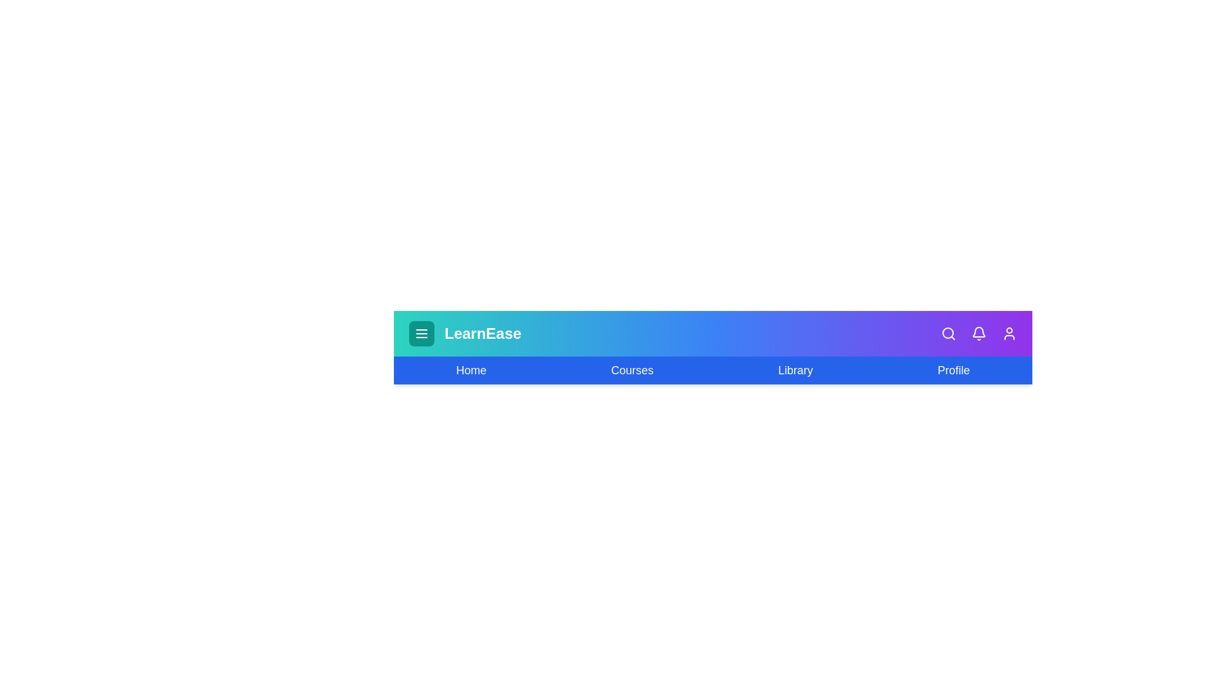 The image size is (1216, 684). Describe the element at coordinates (795, 370) in the screenshot. I see `the navigation option Library to navigate to the respective section` at that location.